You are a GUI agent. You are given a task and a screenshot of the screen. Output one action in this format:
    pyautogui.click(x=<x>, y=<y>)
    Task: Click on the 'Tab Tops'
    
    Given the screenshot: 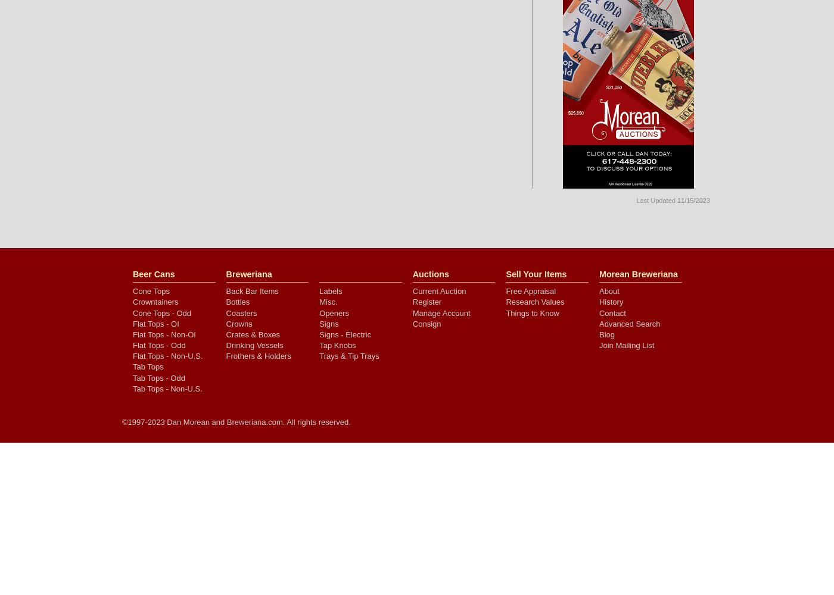 What is the action you would take?
    pyautogui.click(x=133, y=366)
    